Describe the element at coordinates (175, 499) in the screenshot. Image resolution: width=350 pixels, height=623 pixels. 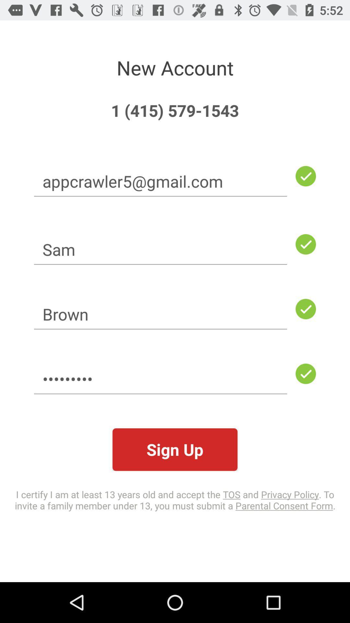
I see `the i certify i item` at that location.